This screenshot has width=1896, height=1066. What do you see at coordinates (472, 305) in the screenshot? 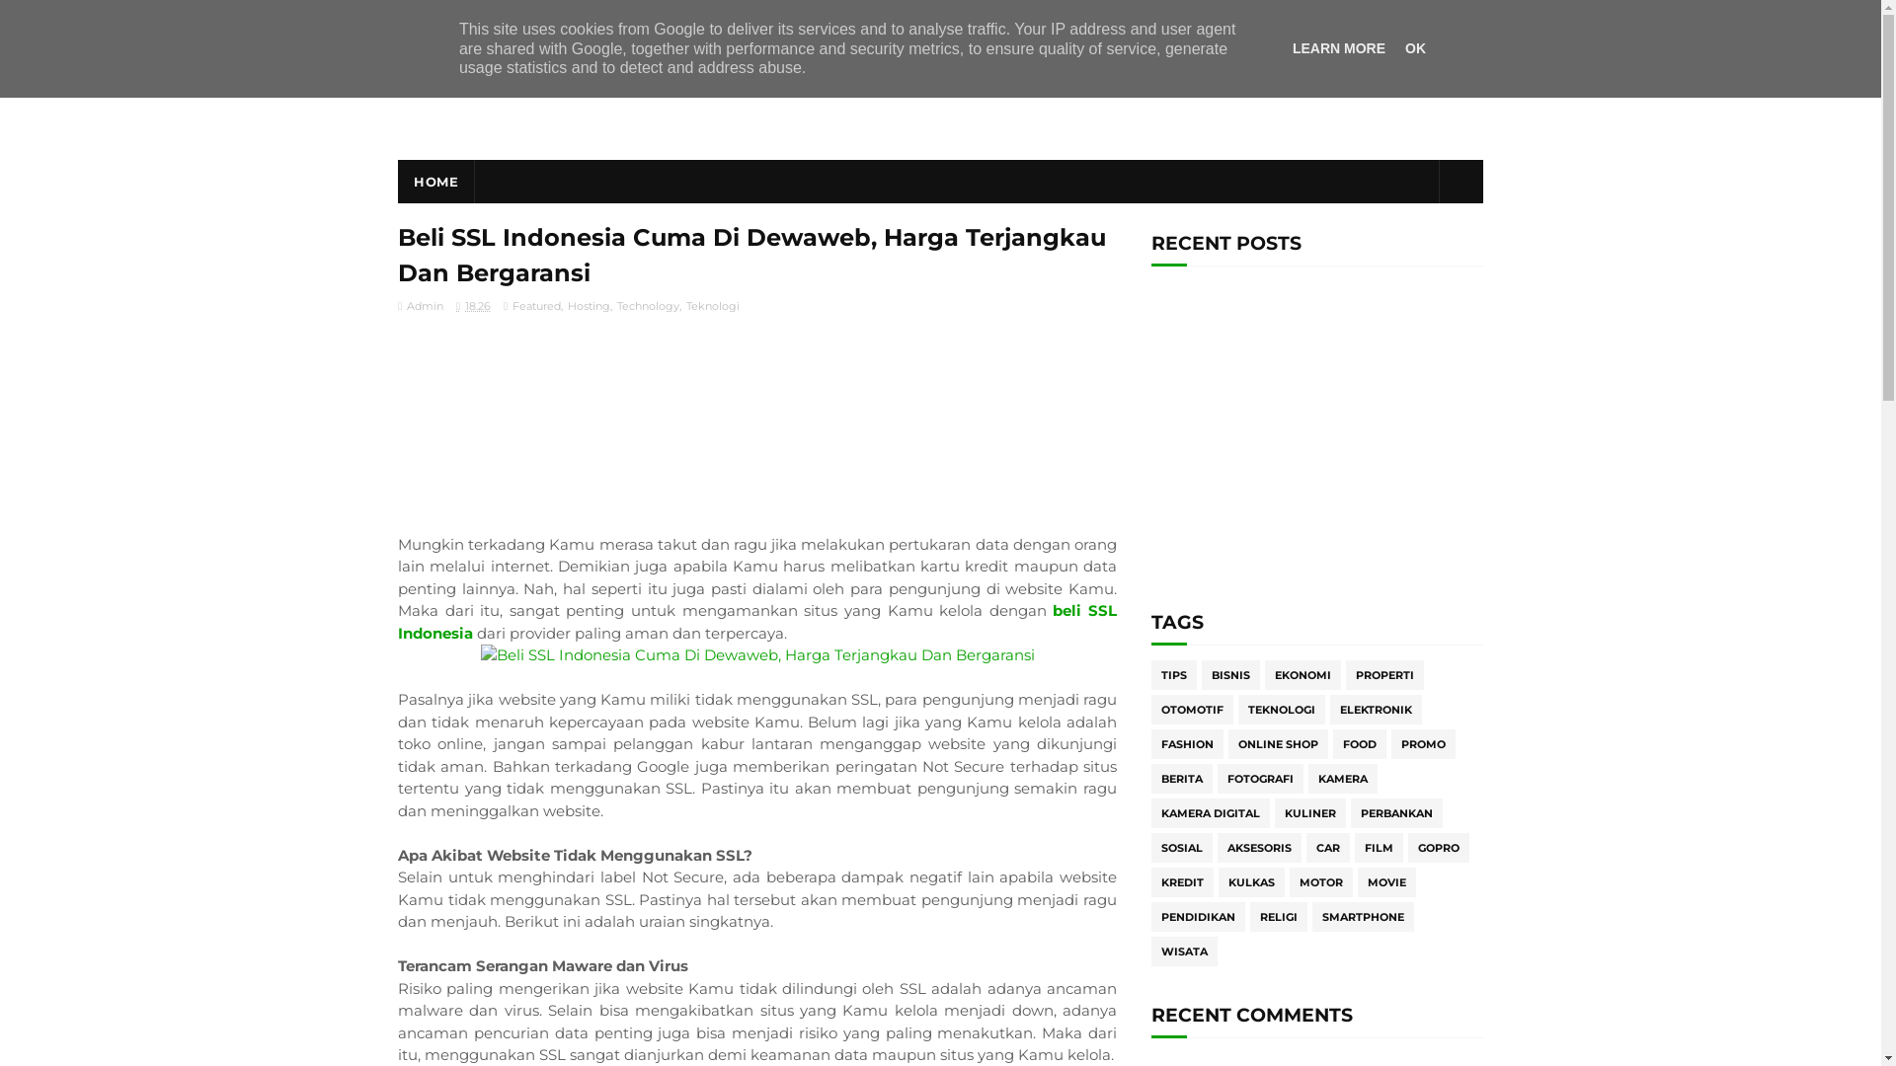
I see `'18.26'` at bounding box center [472, 305].